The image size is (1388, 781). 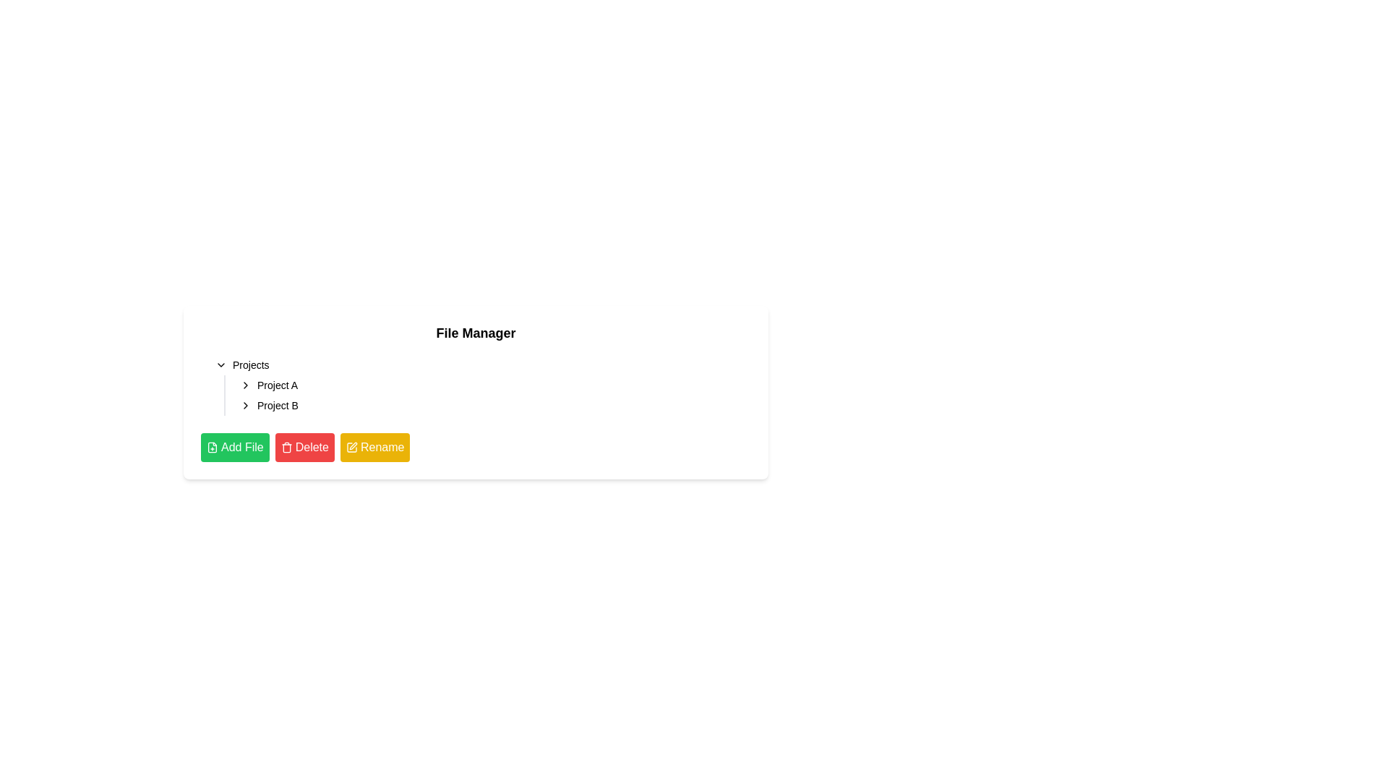 What do you see at coordinates (220, 364) in the screenshot?
I see `the chevron icon to the left of the 'Projects' label` at bounding box center [220, 364].